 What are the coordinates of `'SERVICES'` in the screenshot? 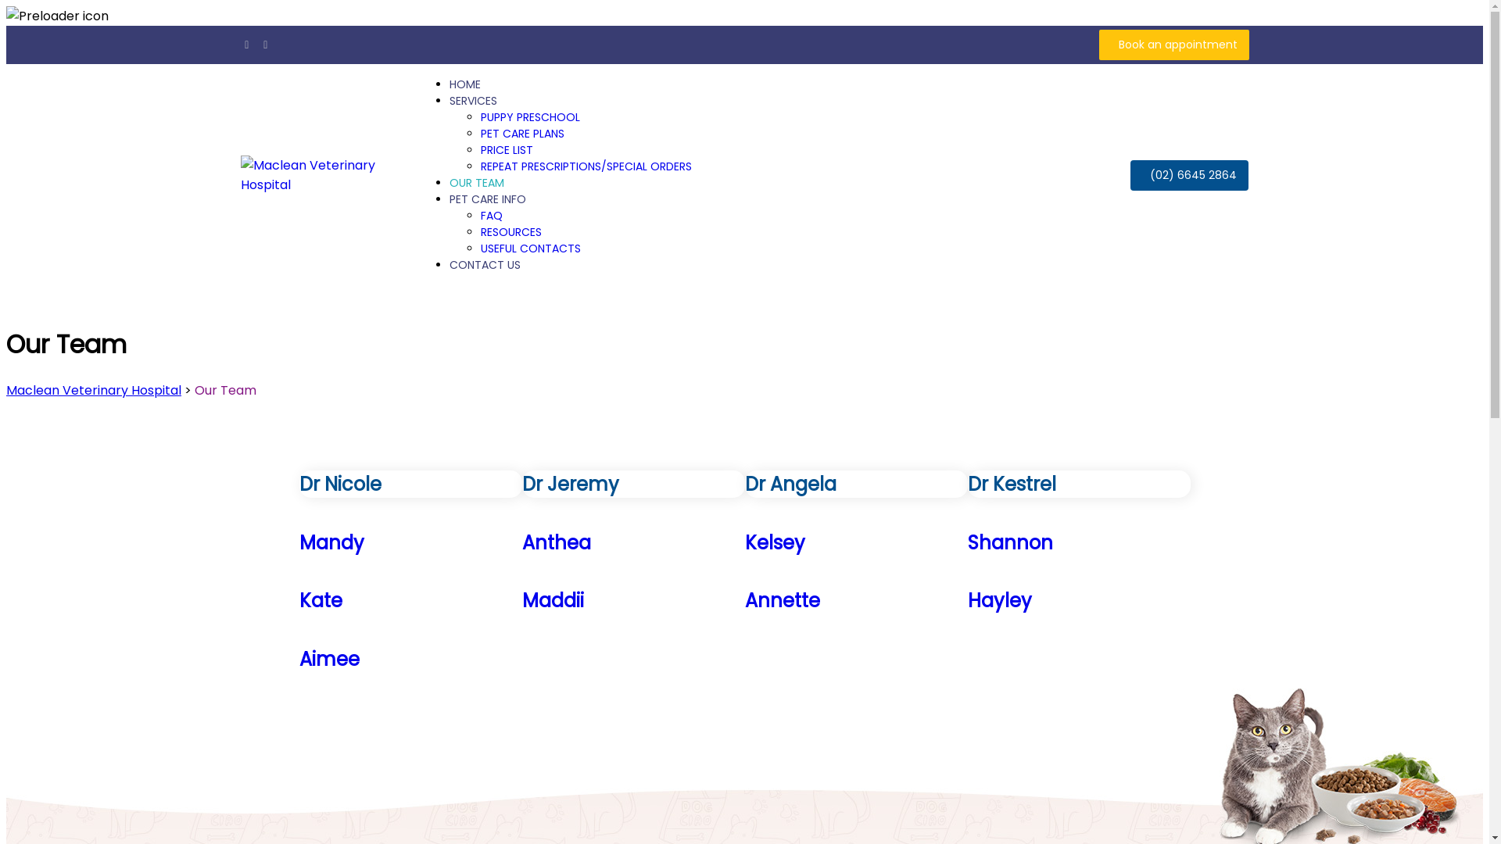 It's located at (472, 100).